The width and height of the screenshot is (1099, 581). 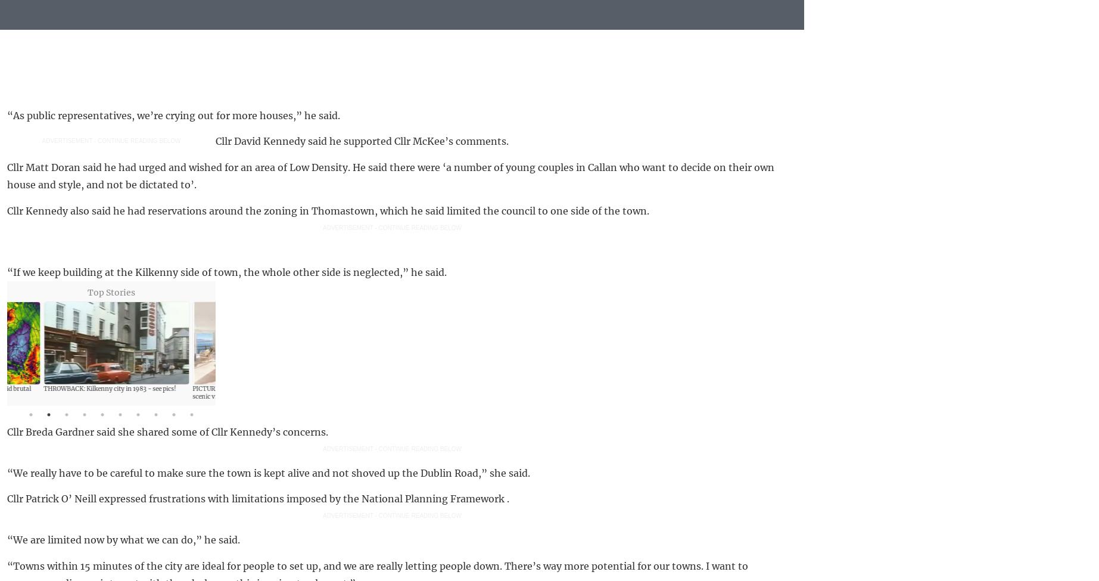 I want to click on 'Cllr Kennedy also said he had reservations around the zoning in Thomastown, which he said limited the council to one side of the town.', so click(x=7, y=210).